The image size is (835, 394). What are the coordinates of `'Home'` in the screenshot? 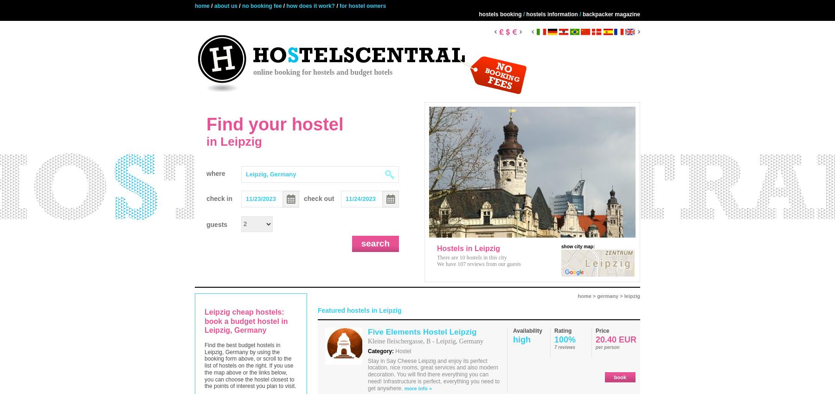 It's located at (202, 5).